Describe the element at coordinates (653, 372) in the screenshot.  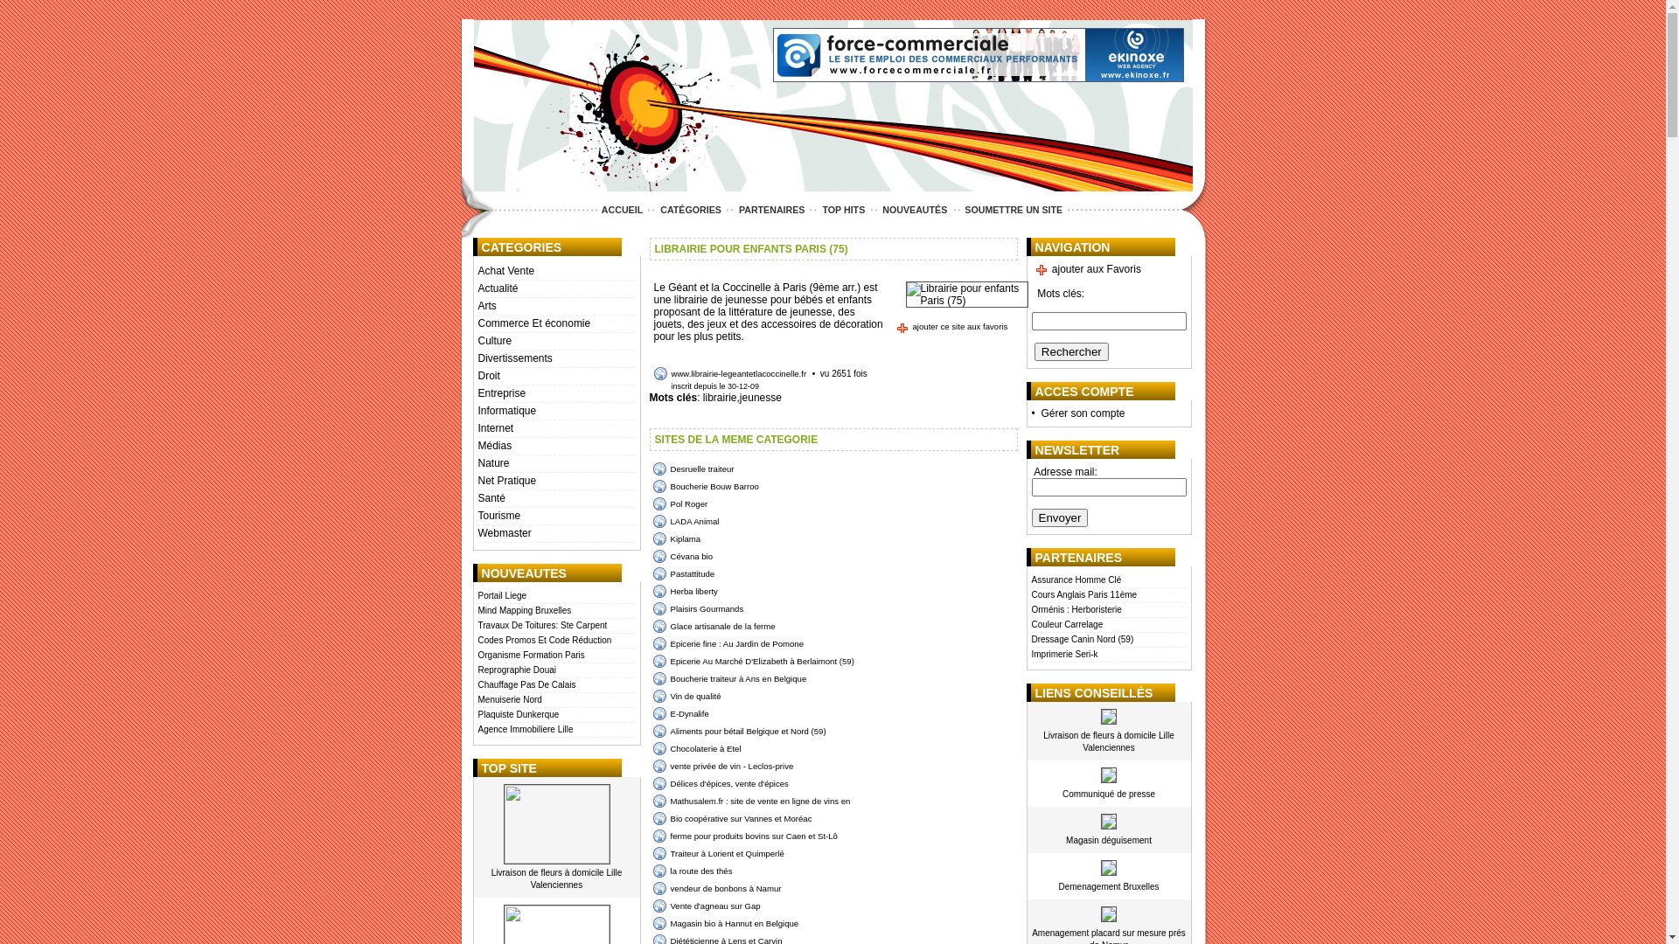
I see `'www.librairie-legeantetlacoccinelle.fr'` at that location.